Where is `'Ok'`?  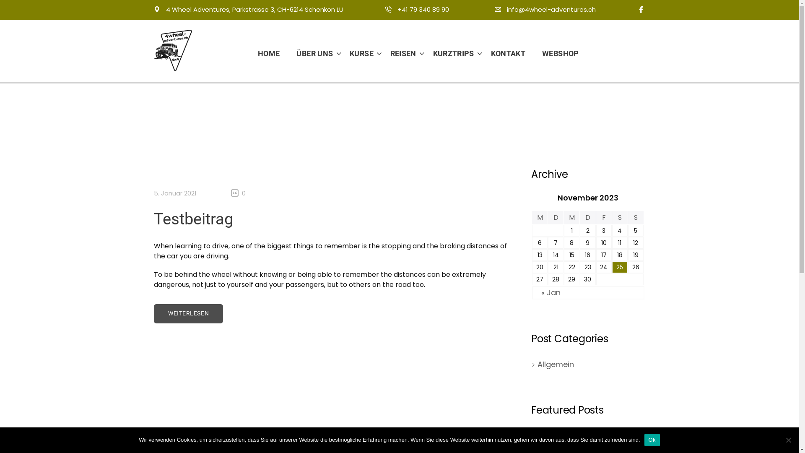
'Ok' is located at coordinates (652, 440).